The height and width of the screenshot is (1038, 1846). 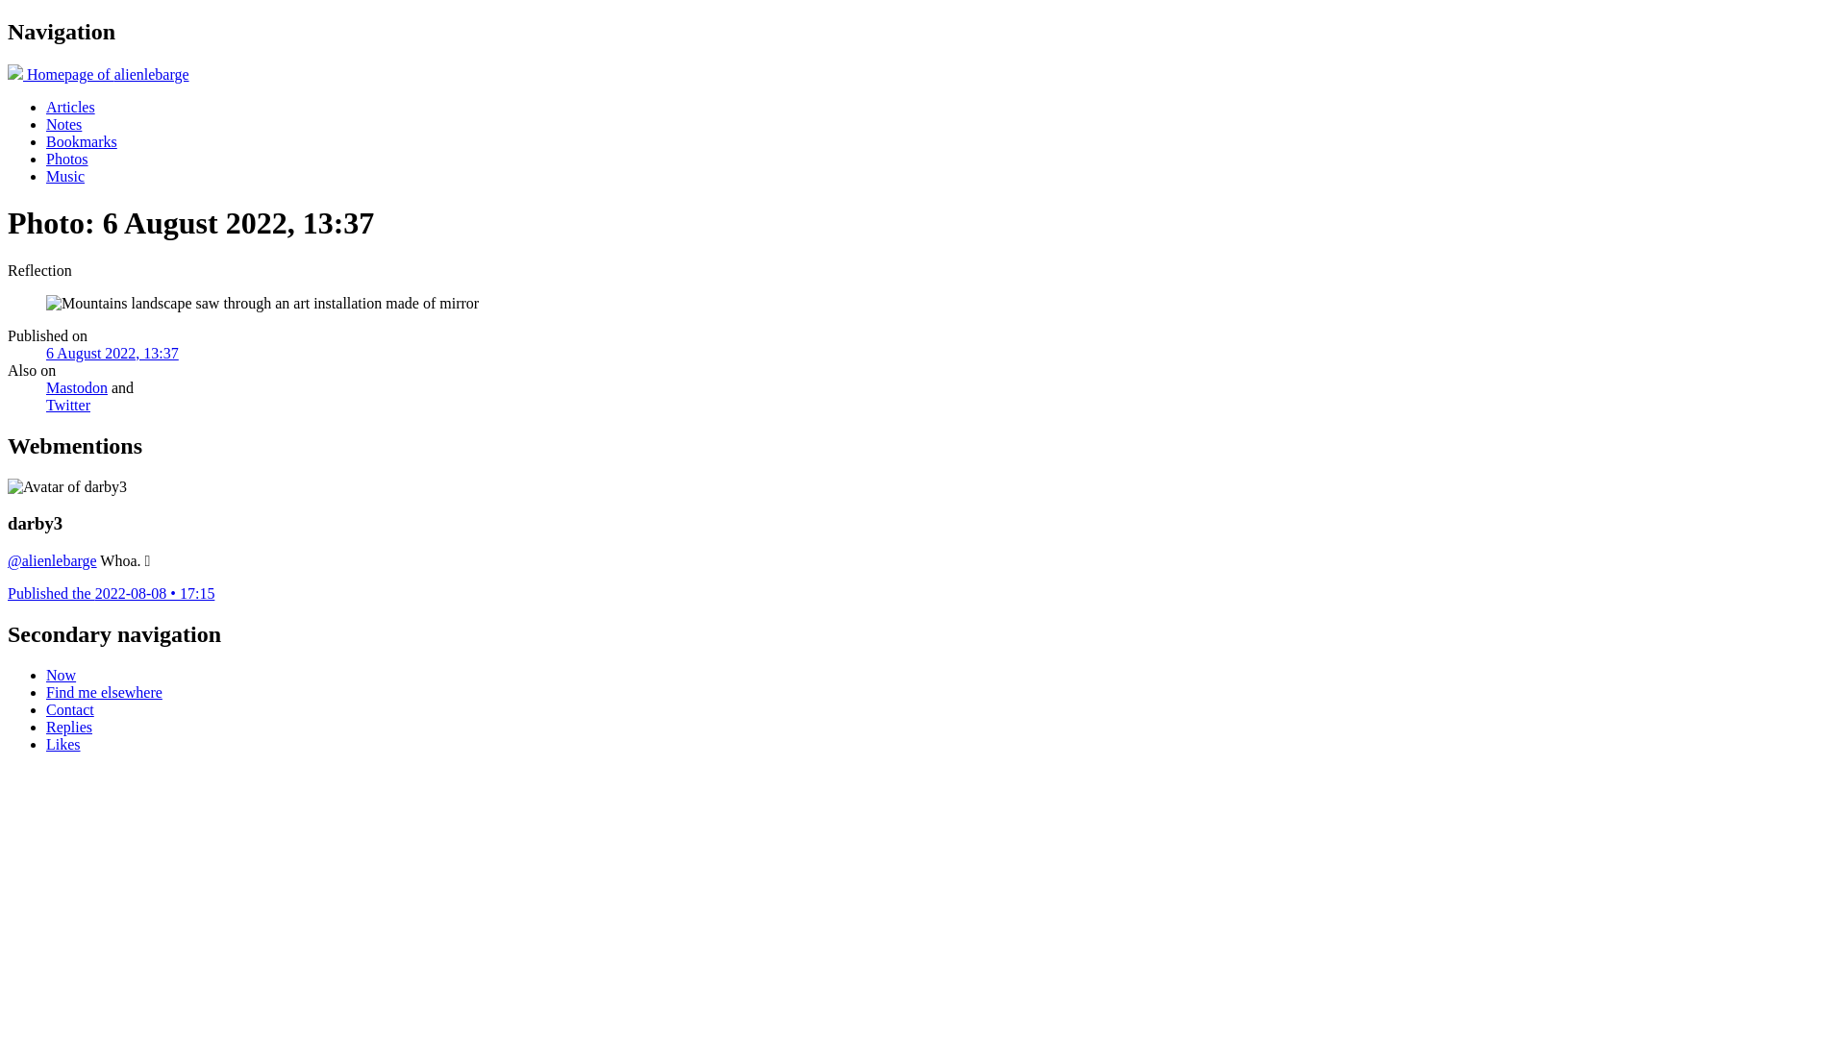 What do you see at coordinates (63, 743) in the screenshot?
I see `'Likes'` at bounding box center [63, 743].